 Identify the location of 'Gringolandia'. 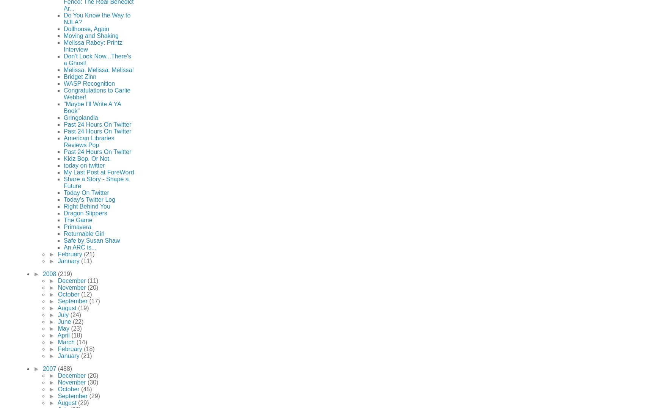
(80, 117).